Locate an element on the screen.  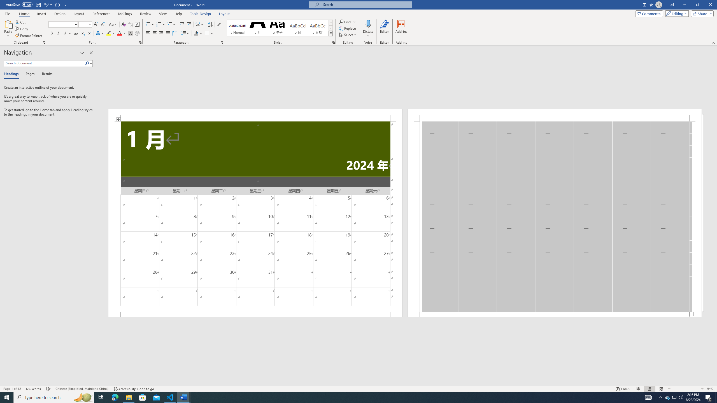
'Text Effects and Typography' is located at coordinates (99, 33).